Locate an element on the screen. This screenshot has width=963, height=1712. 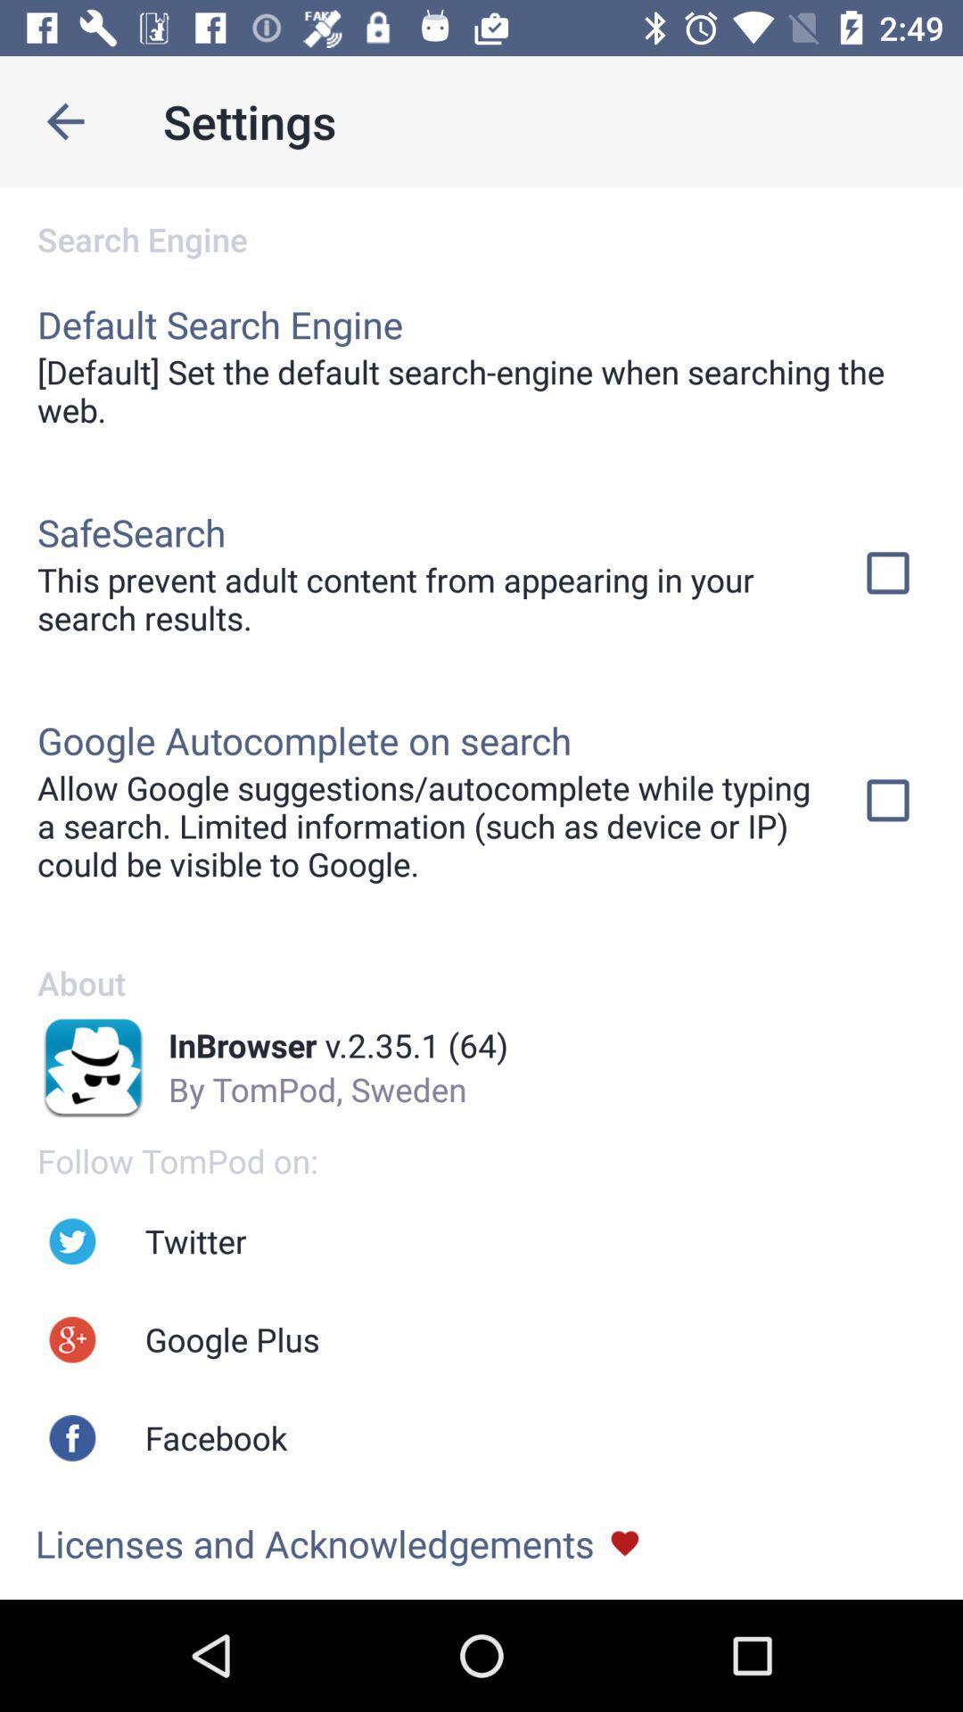
the twitter is located at coordinates (195, 1240).